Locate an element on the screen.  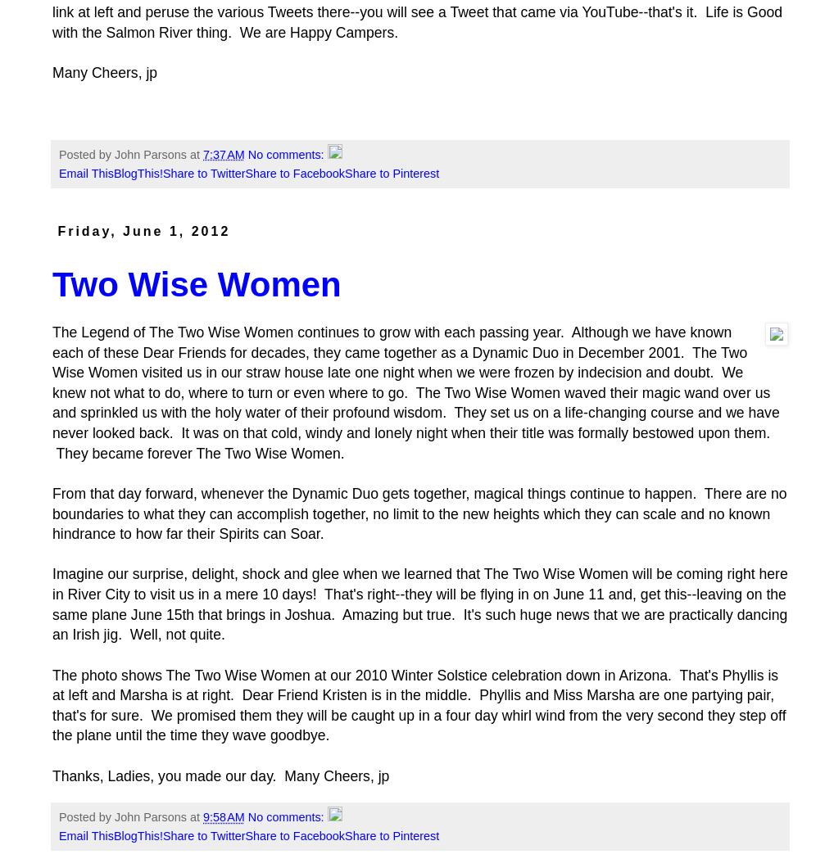
'Two Wise Women' is located at coordinates (196, 284).